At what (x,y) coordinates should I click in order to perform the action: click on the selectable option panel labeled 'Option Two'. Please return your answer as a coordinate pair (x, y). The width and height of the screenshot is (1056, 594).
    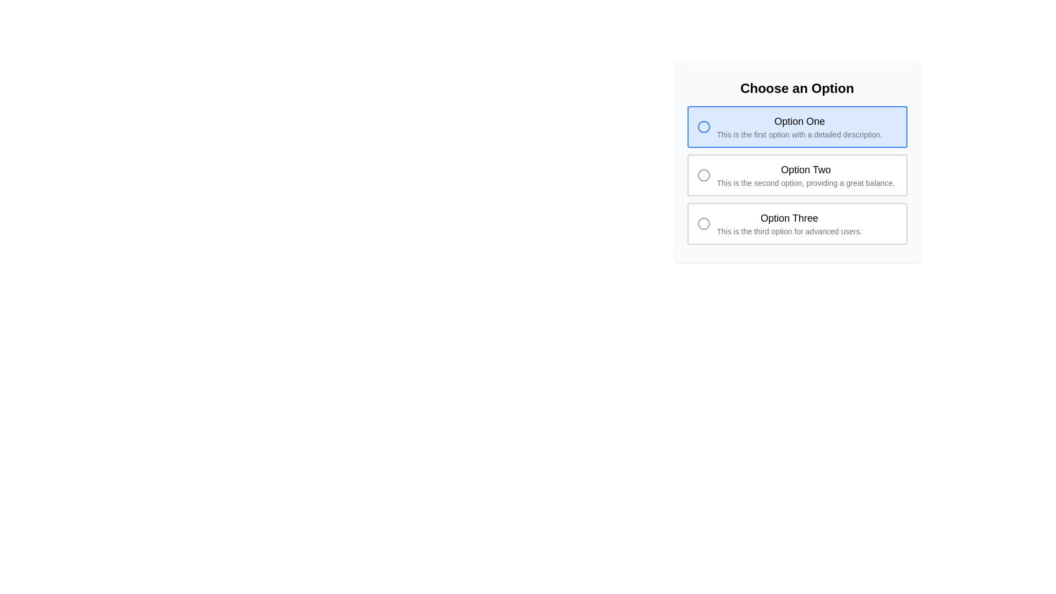
    Looking at the image, I should click on (797, 162).